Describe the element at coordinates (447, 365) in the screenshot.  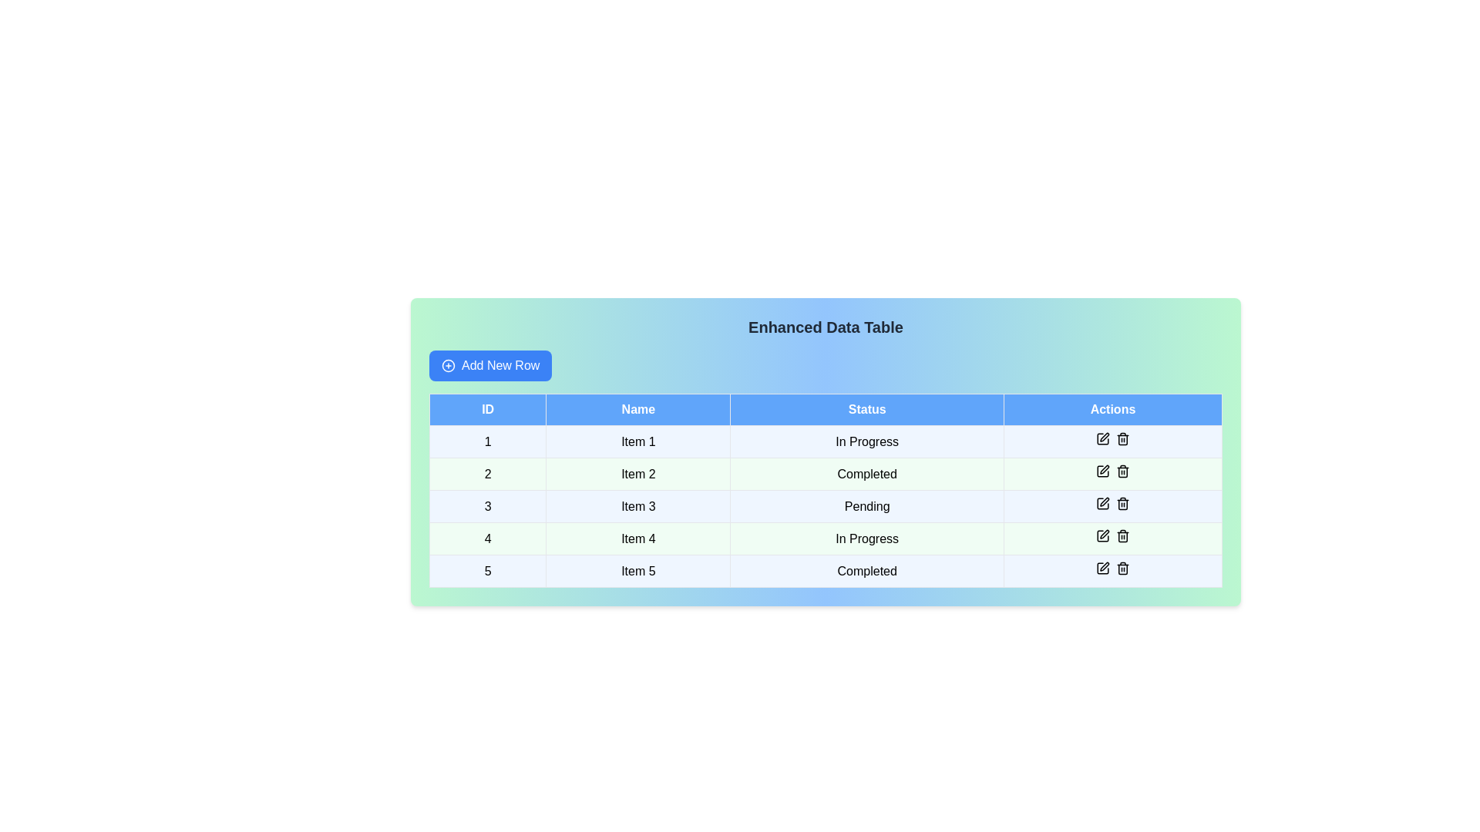
I see `the circular icon with a plus (+) symbol inside it, which is located within the blue button labeled 'Add New Row' in the top-left corner of the interface` at that location.